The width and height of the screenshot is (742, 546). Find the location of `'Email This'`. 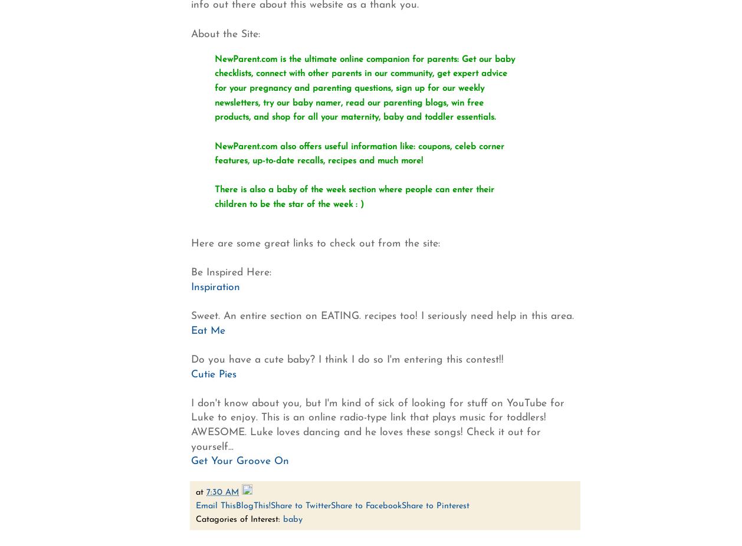

'Email This' is located at coordinates (215, 505).